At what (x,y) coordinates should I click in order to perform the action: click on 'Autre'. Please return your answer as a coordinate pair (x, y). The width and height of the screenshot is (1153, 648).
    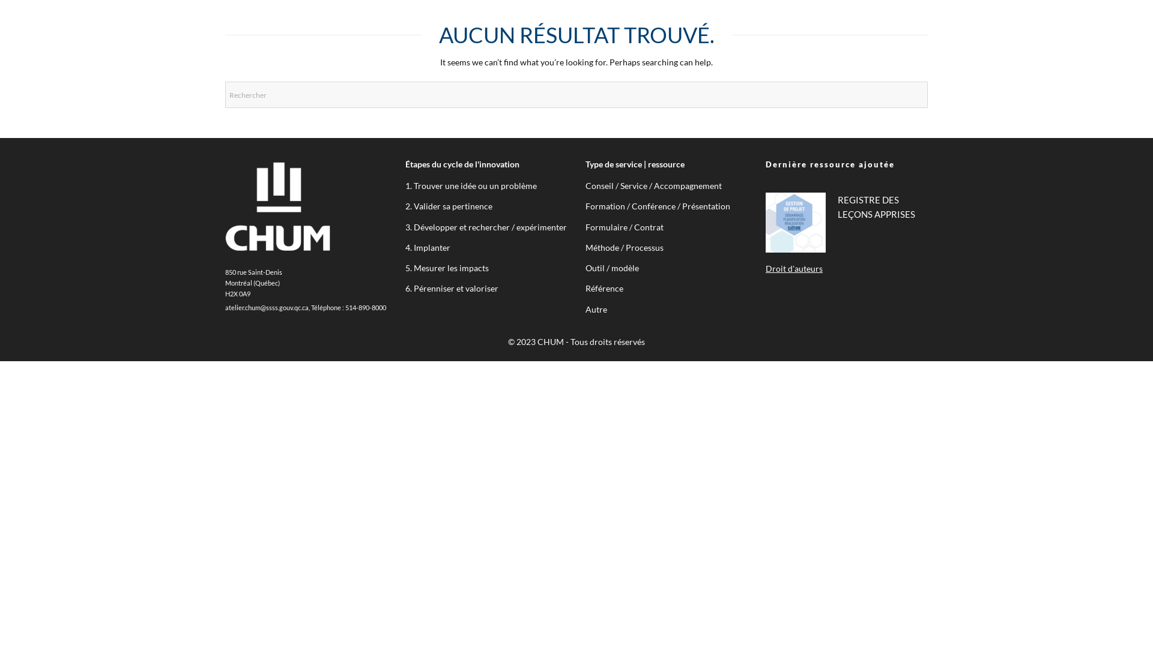
    Looking at the image, I should click on (596, 308).